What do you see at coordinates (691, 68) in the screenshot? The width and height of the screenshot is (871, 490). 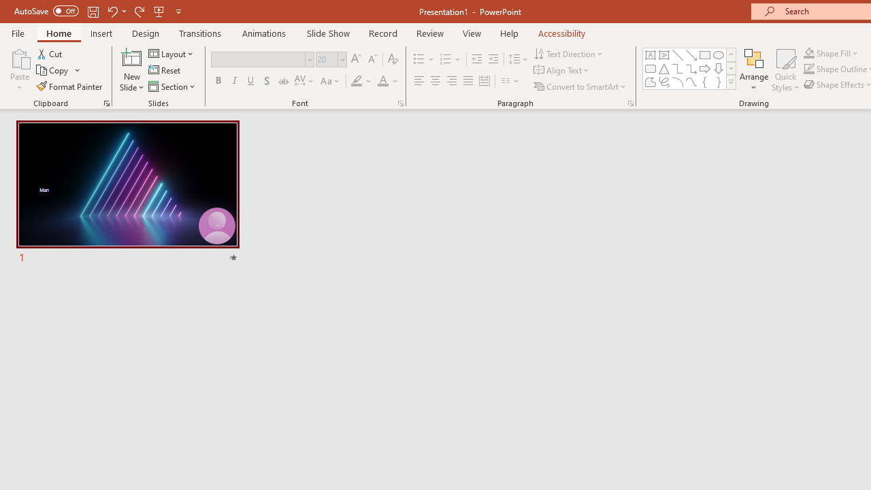 I see `'Connector: Elbow Arrow'` at bounding box center [691, 68].